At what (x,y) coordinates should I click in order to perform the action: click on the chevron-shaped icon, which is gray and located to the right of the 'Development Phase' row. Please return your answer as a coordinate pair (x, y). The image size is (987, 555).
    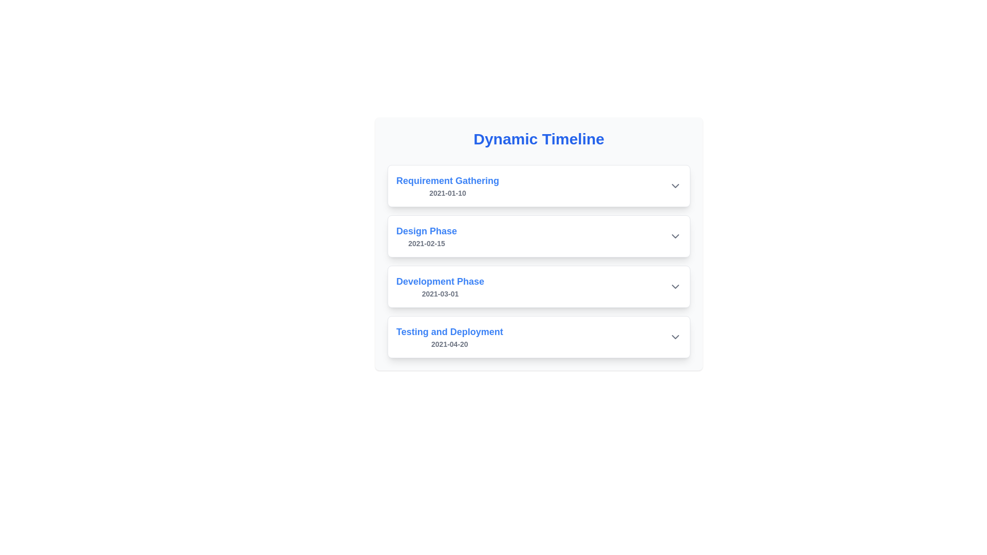
    Looking at the image, I should click on (675, 287).